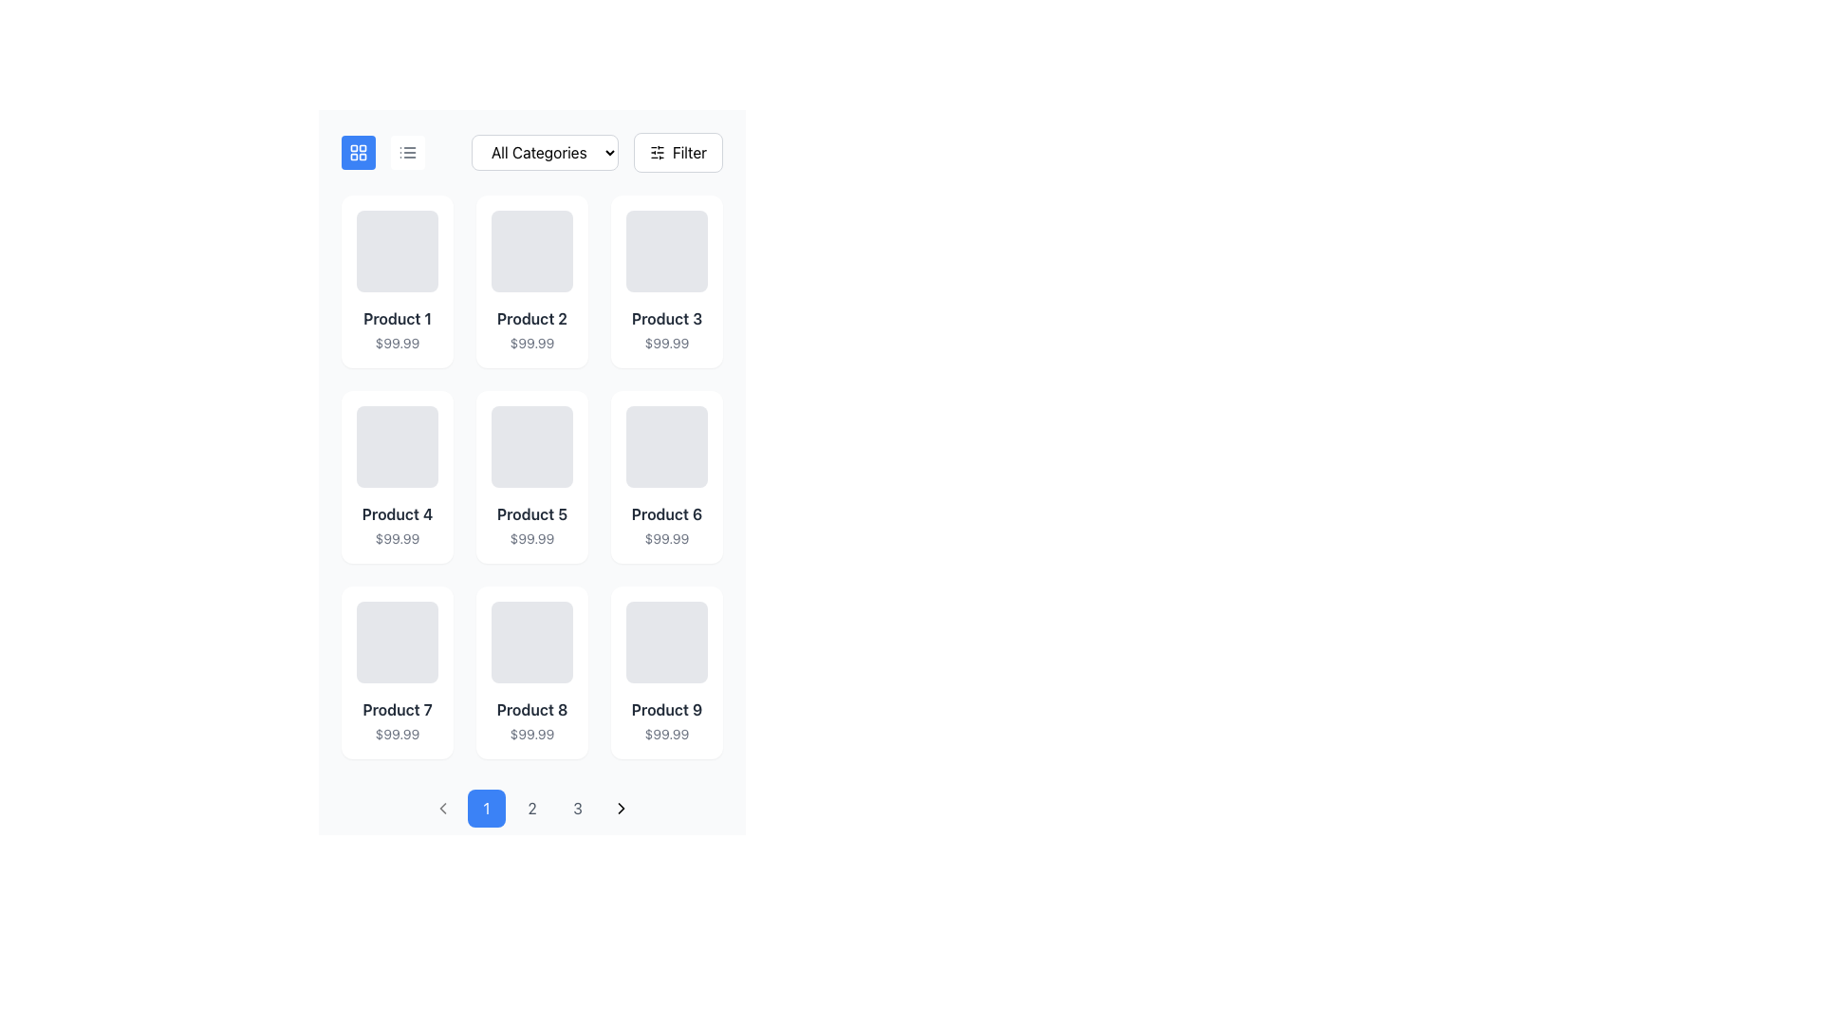 The image size is (1822, 1025). What do you see at coordinates (666, 538) in the screenshot?
I see `text displayed in the smaller, gray font style labeled '$99.99' located below 'Product 6' in the sixth product card` at bounding box center [666, 538].